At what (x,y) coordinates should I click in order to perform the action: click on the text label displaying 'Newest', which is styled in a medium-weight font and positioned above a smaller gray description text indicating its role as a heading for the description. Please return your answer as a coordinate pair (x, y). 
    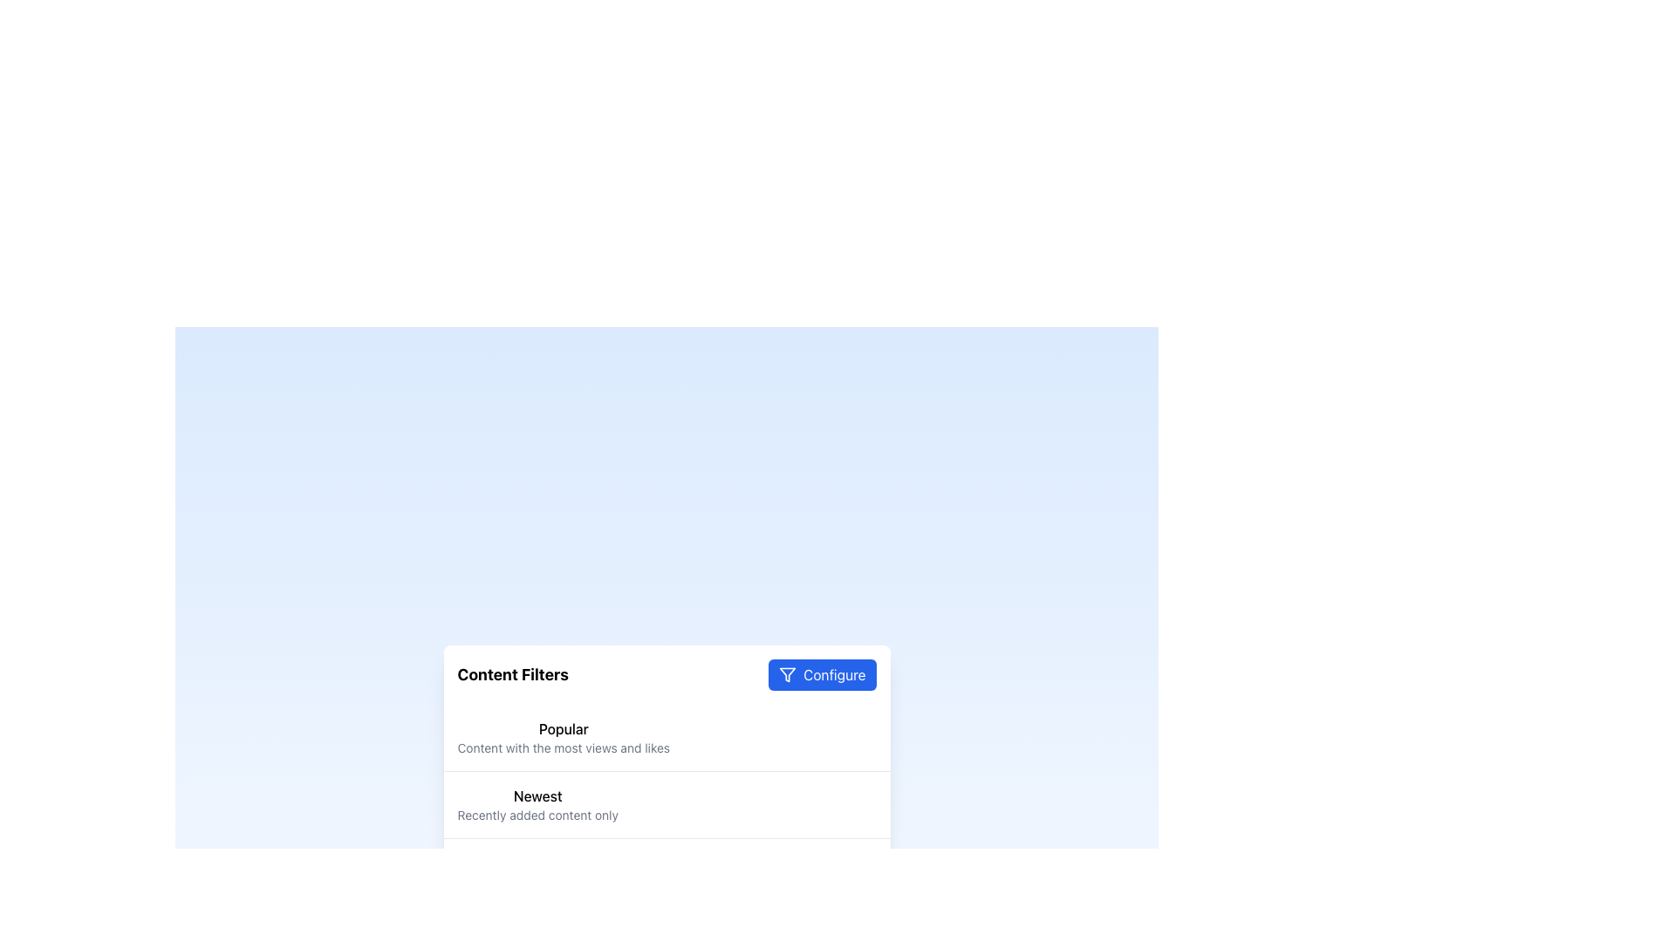
    Looking at the image, I should click on (537, 796).